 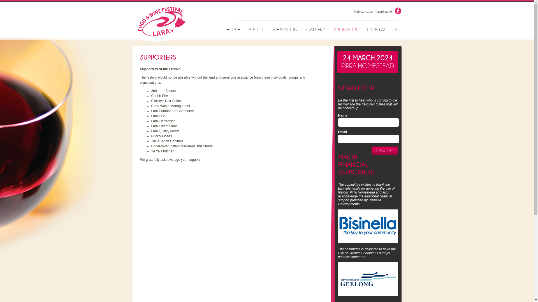 What do you see at coordinates (345, 30) in the screenshot?
I see `'SPONSORS'` at bounding box center [345, 30].